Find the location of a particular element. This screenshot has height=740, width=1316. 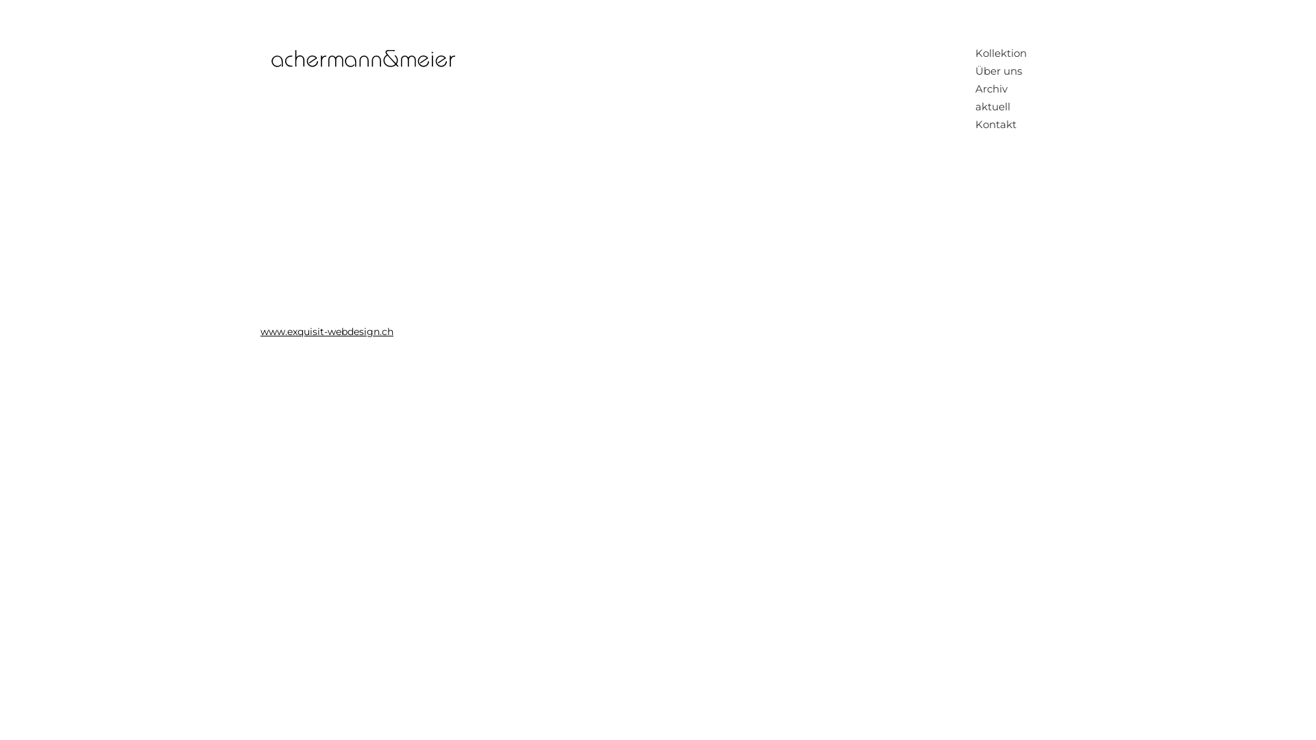

'Kontakt' is located at coordinates (1002, 124).